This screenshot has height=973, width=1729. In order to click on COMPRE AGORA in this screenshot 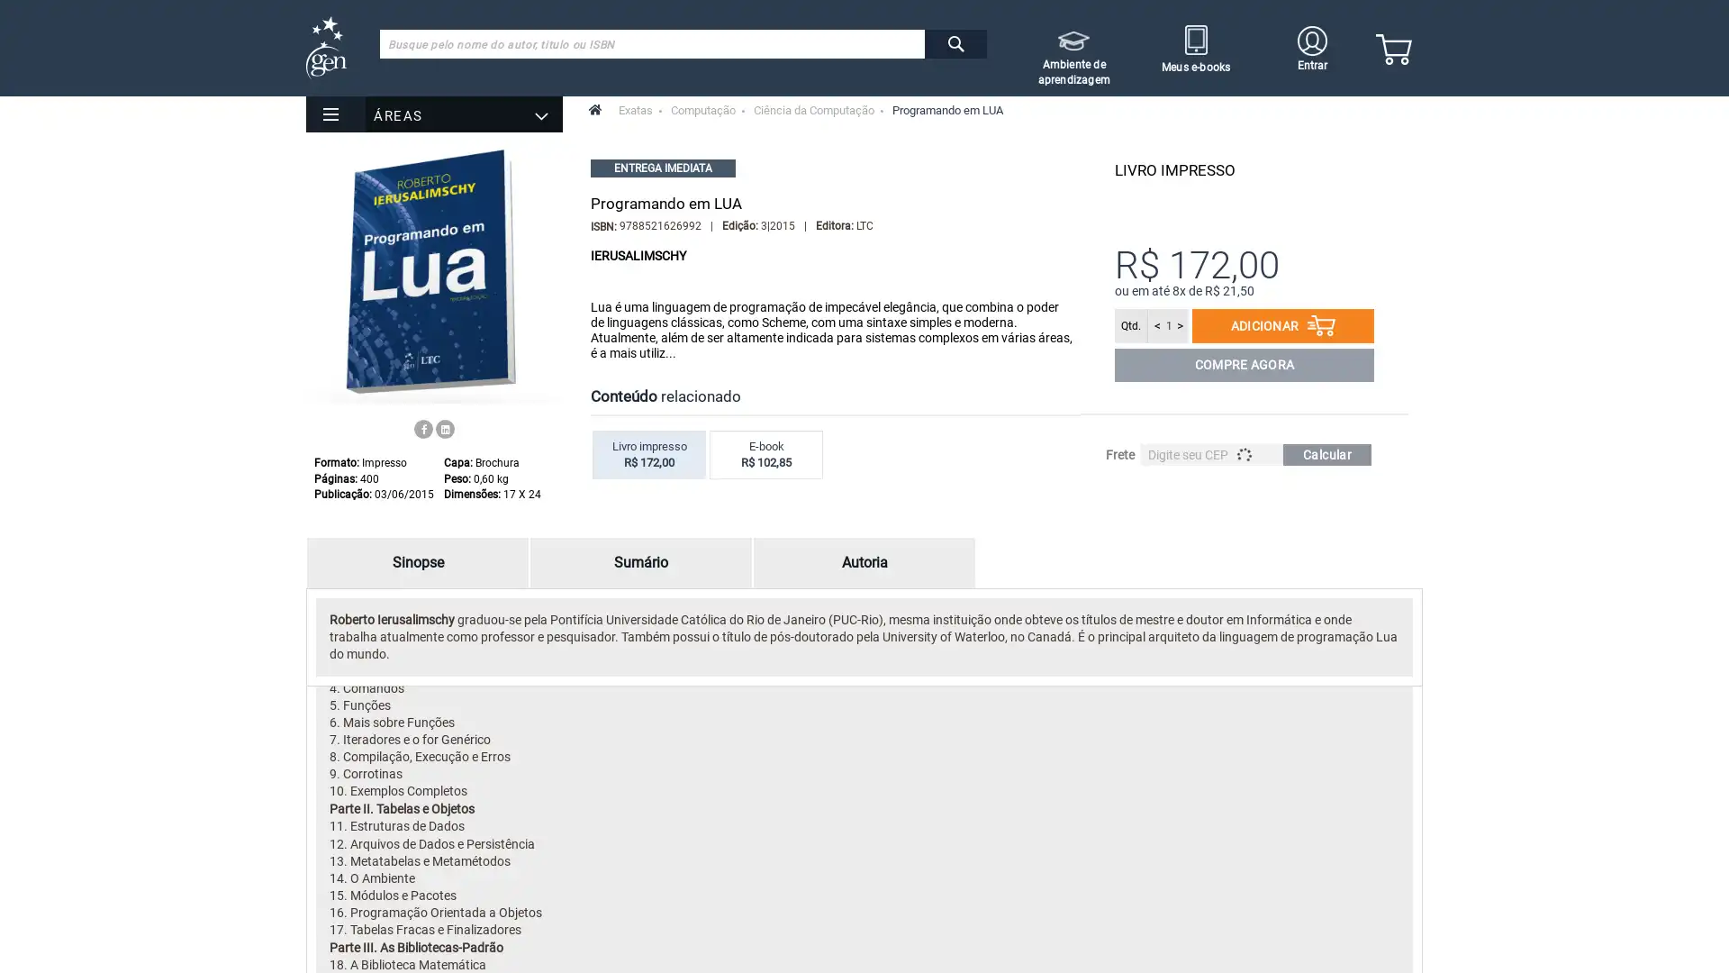, I will do `click(1244, 365)`.